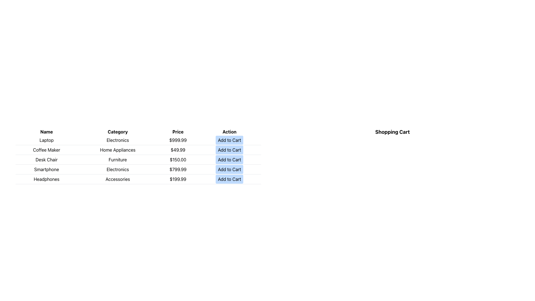 Image resolution: width=535 pixels, height=301 pixels. Describe the element at coordinates (47, 140) in the screenshot. I see `the 'Laptop' text label in the first row under the 'Name' column of the table` at that location.